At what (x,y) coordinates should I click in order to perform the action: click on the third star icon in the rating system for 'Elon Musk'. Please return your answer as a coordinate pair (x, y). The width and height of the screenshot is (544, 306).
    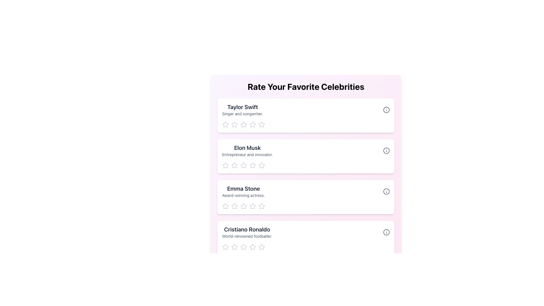
    Looking at the image, I should click on (262, 165).